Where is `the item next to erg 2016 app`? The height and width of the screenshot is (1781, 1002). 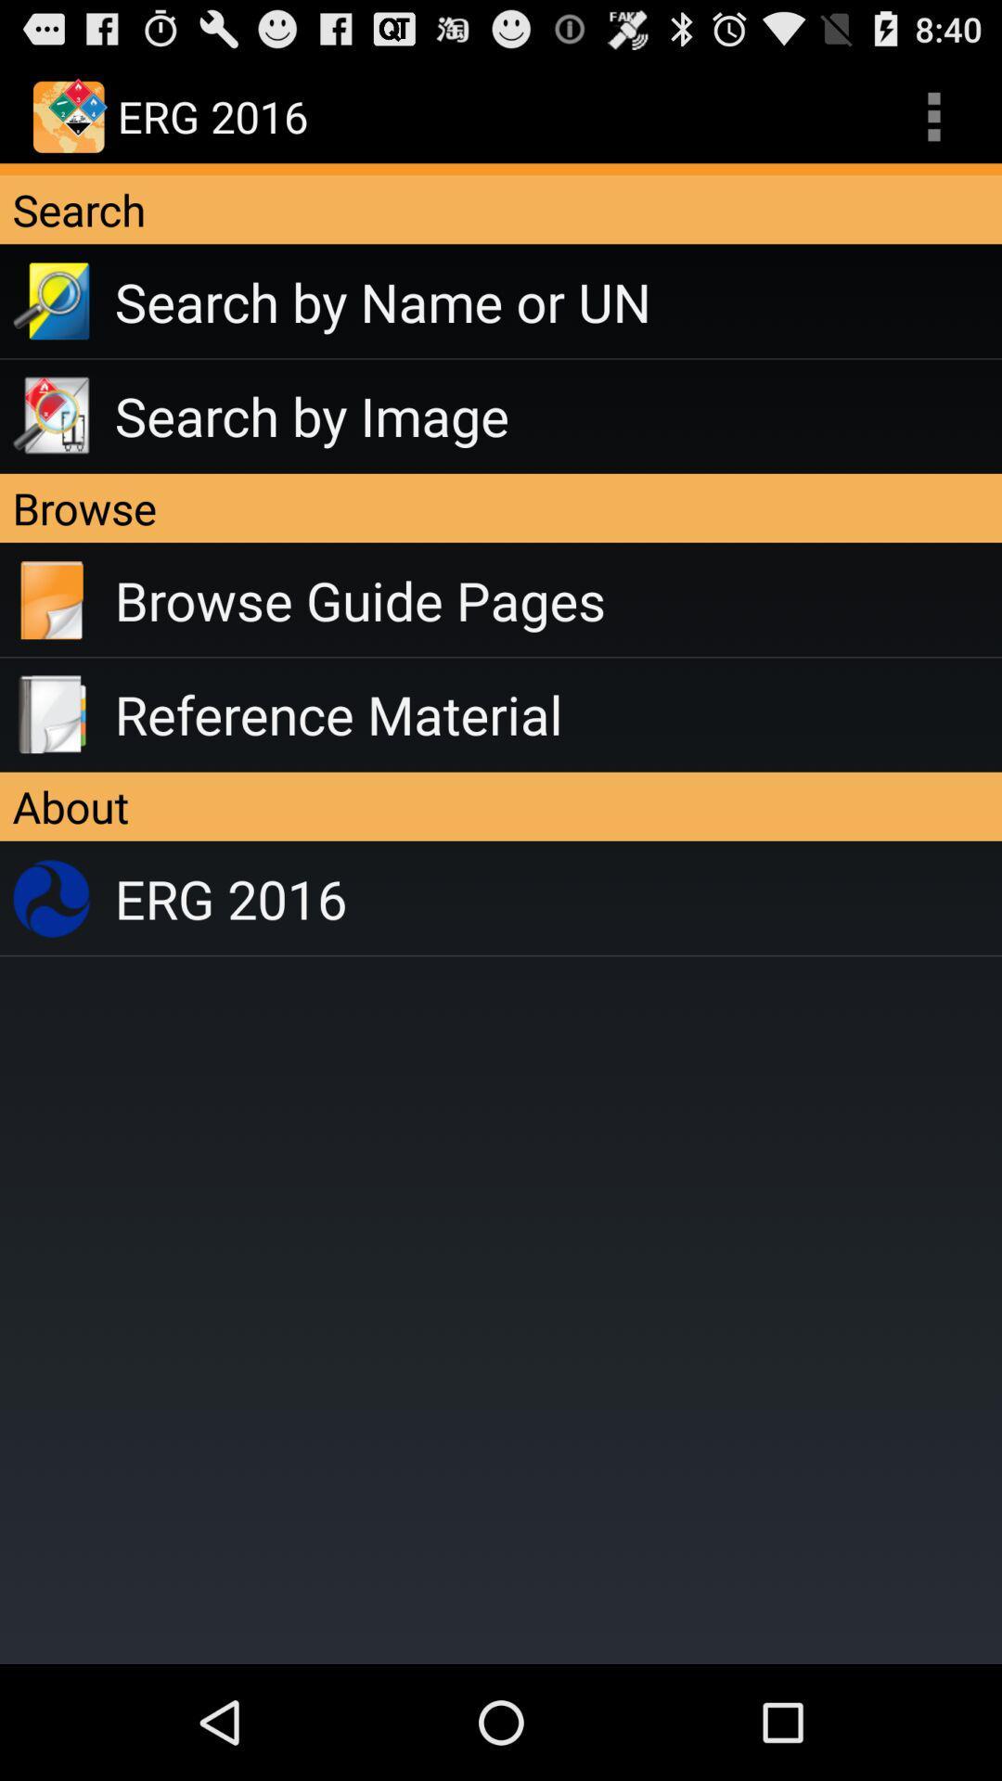 the item next to erg 2016 app is located at coordinates (933, 115).